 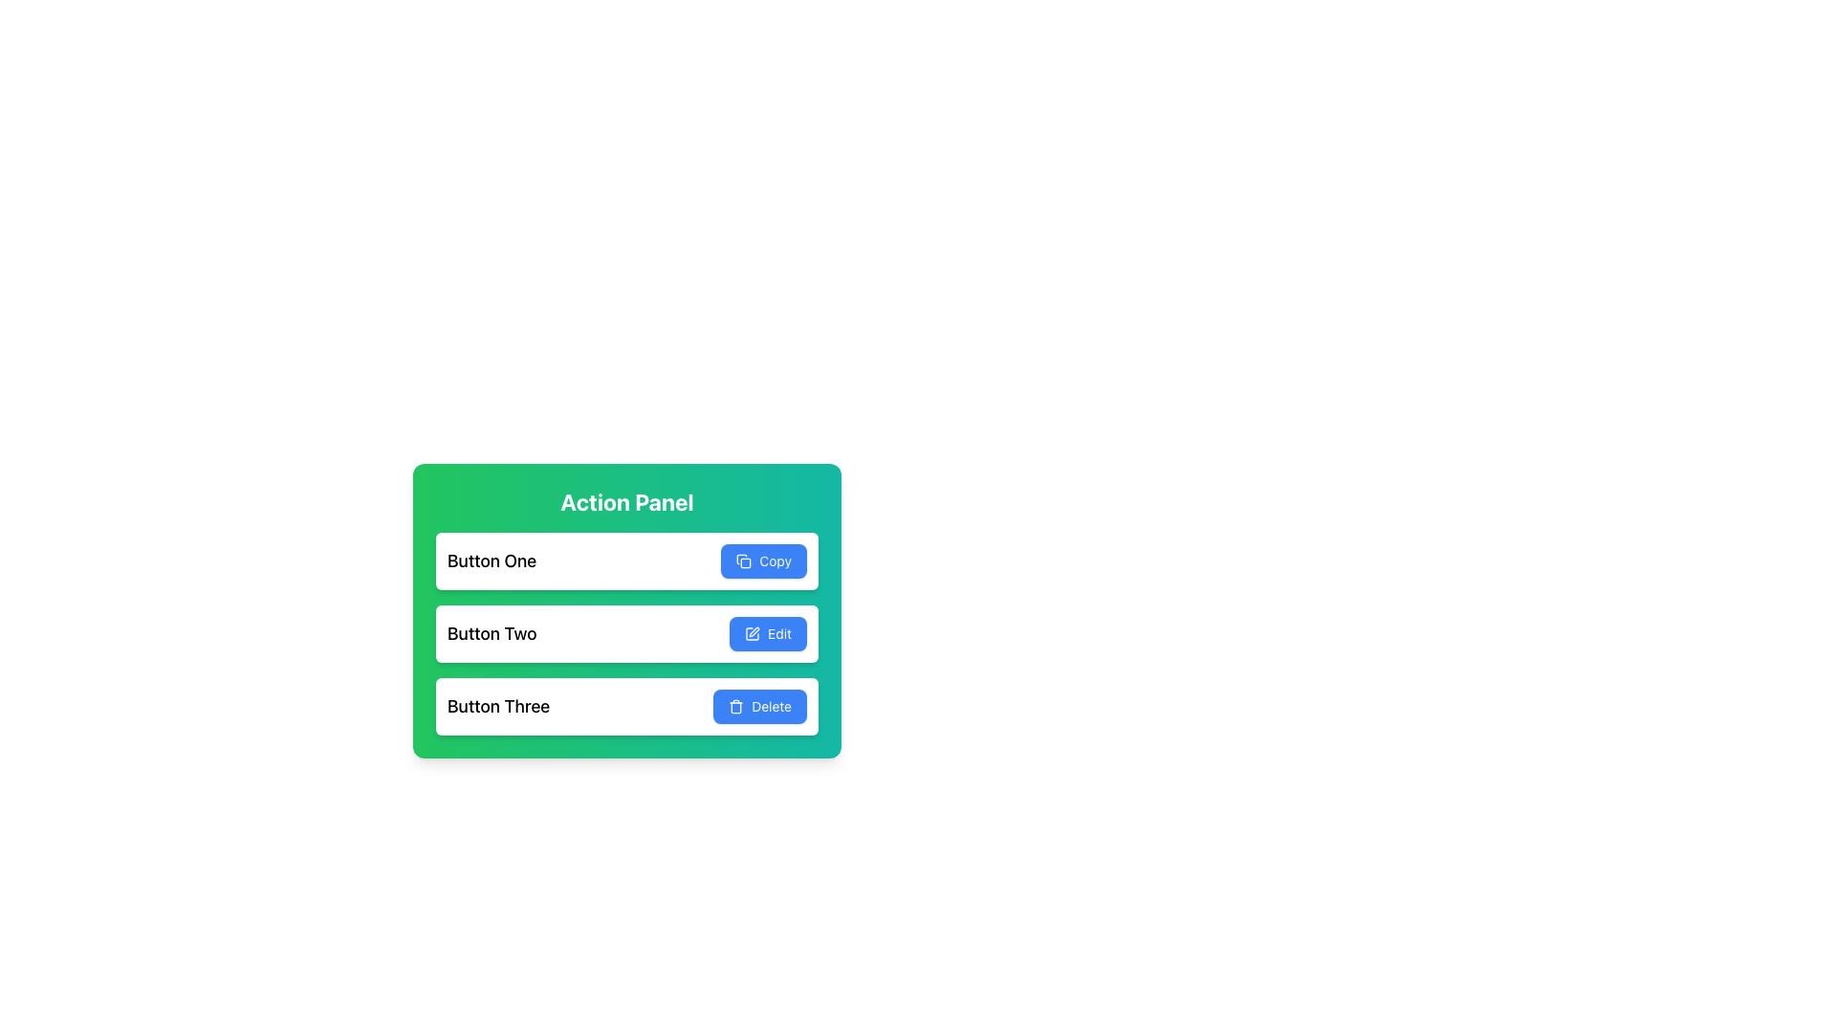 I want to click on text from the 'Action Panel' label, which is displayed in bold, white font at the top of a green-teal gradient panel, so click(x=627, y=500).